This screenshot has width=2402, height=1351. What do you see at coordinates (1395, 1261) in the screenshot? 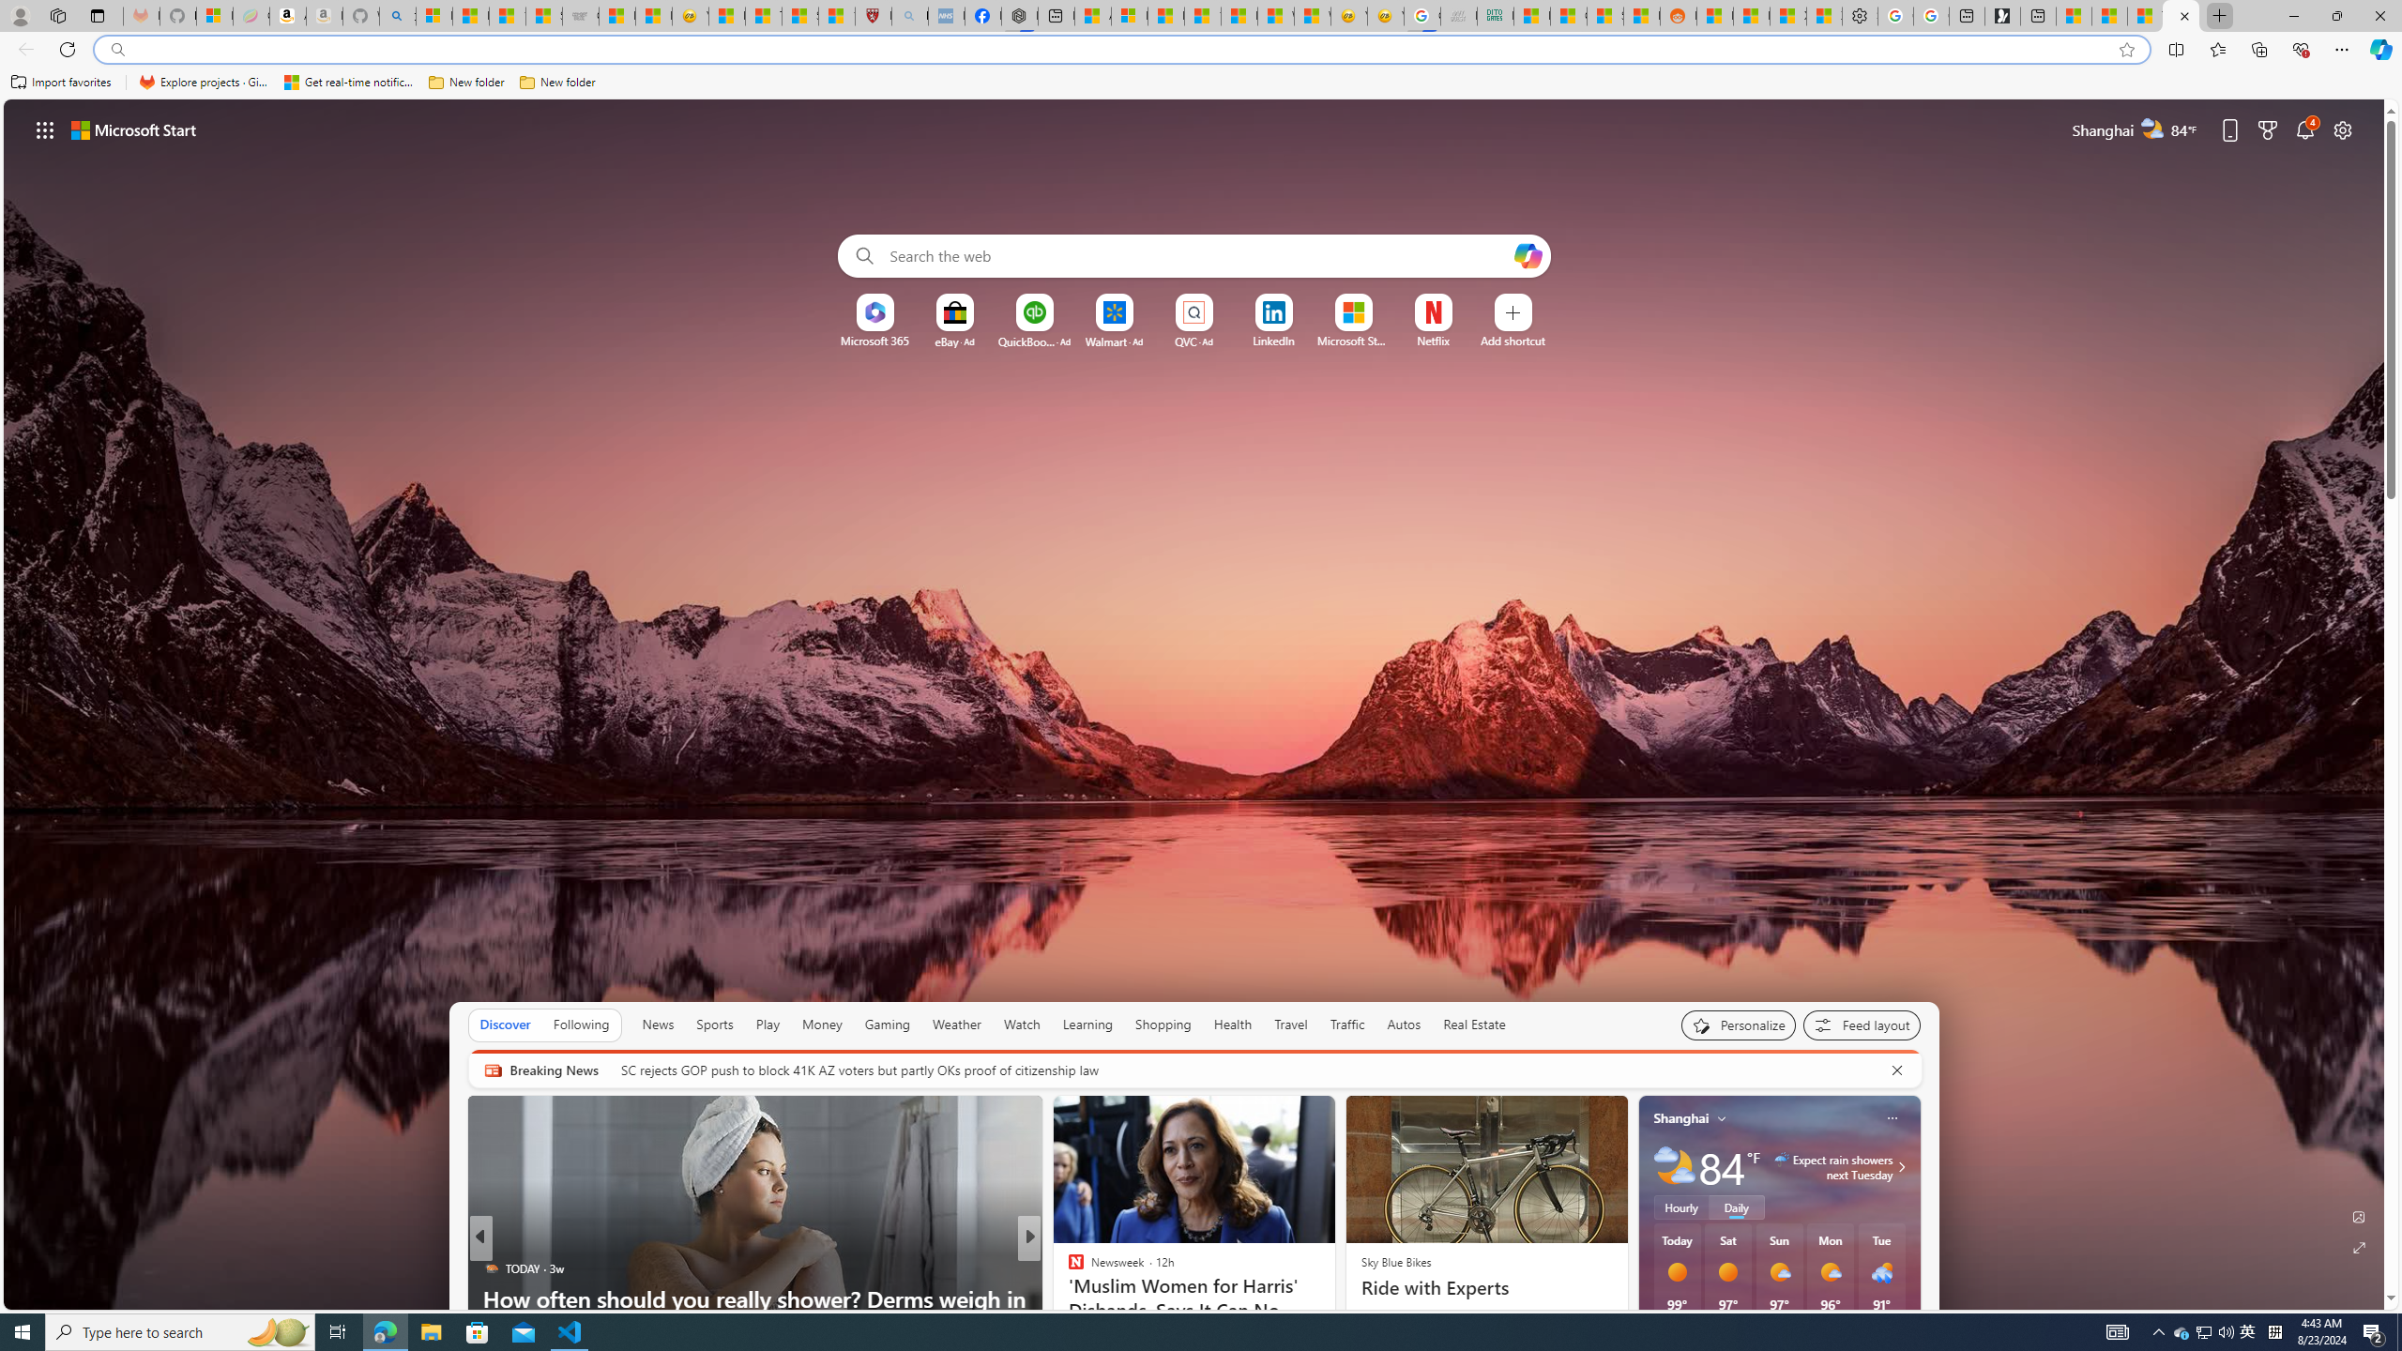
I see `'Sky Blue Bikes'` at bounding box center [1395, 1261].